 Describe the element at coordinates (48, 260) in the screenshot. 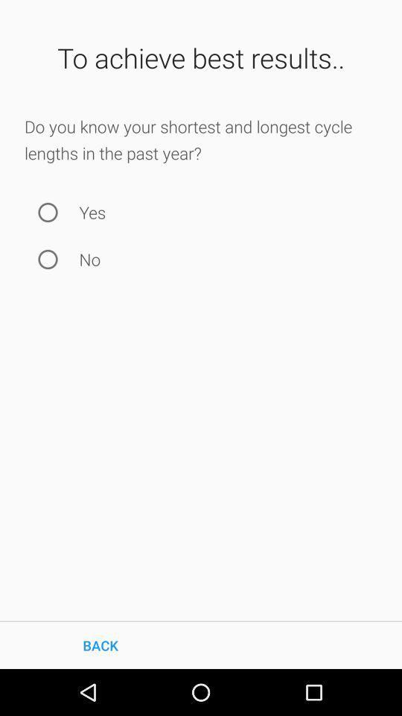

I see `select no` at that location.